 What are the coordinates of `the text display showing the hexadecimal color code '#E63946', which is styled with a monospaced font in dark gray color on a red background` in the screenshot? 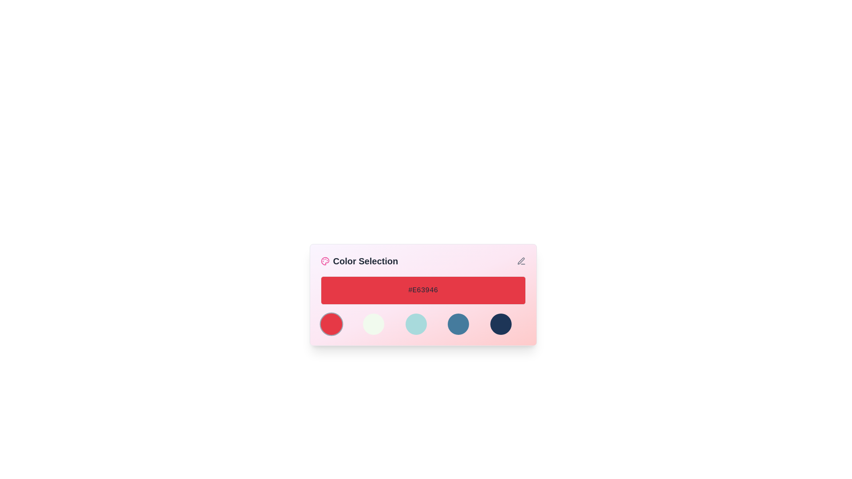 It's located at (422, 291).